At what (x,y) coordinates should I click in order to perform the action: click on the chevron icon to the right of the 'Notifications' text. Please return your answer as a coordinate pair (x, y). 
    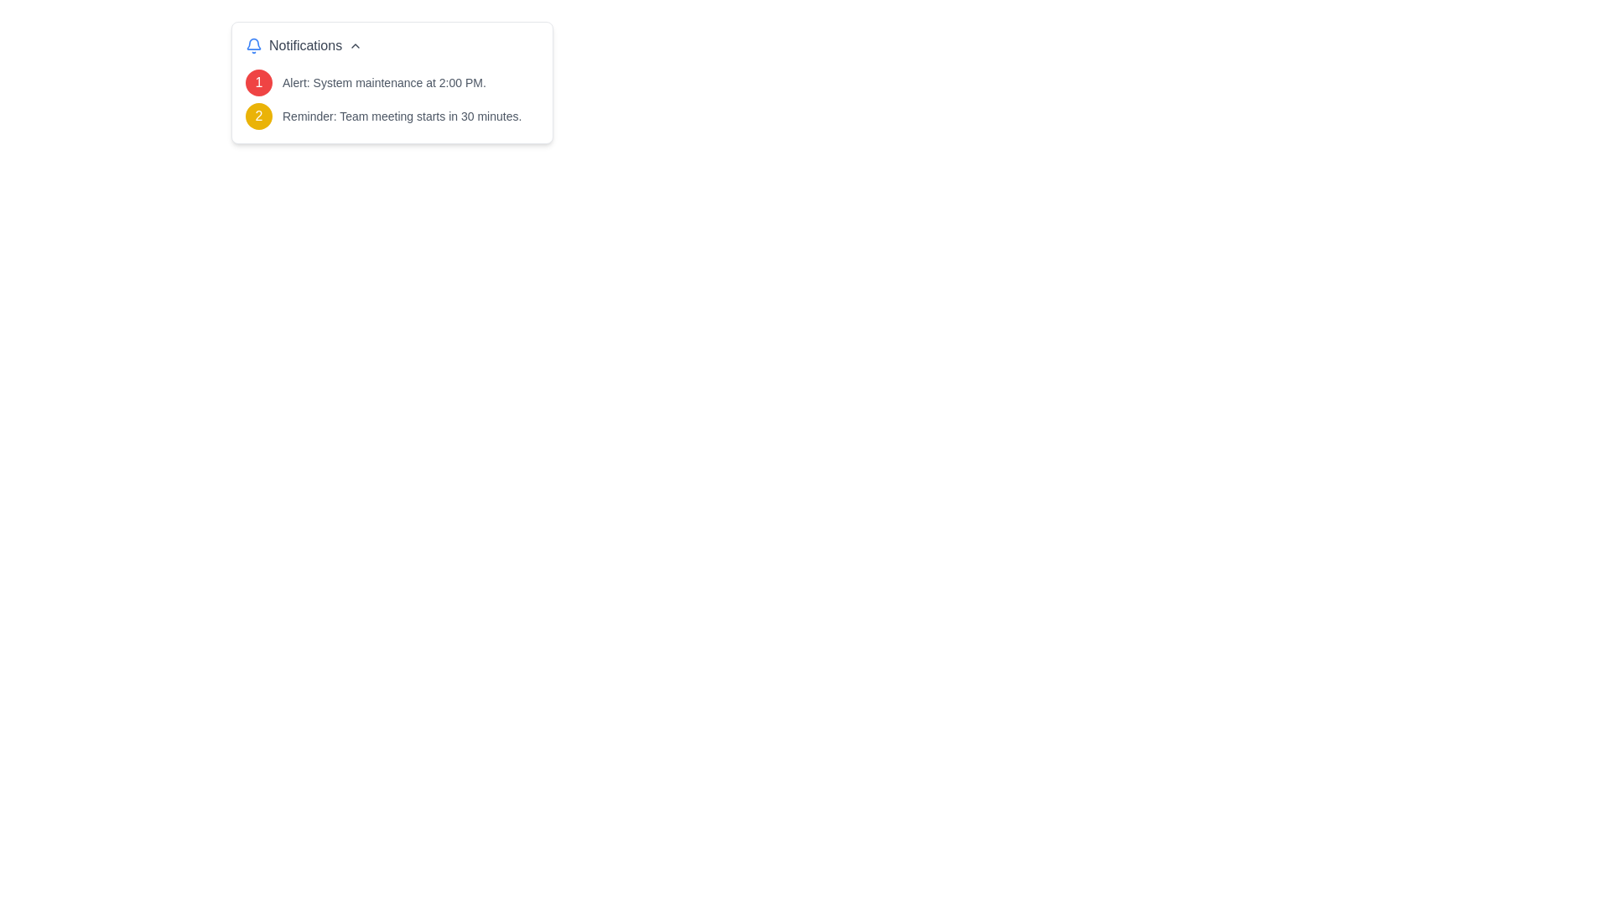
    Looking at the image, I should click on (355, 44).